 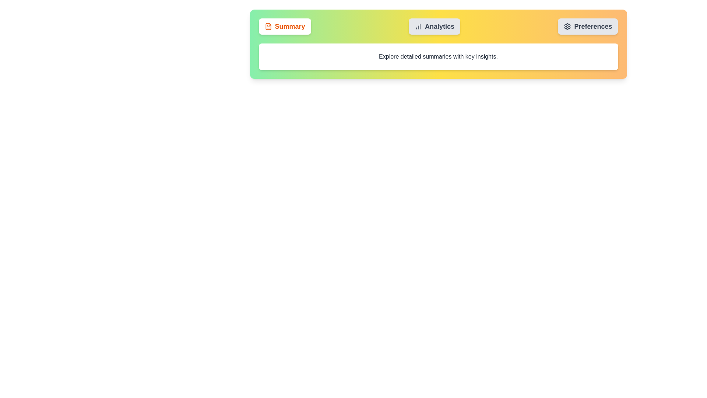 I want to click on the 'Analytics' button which contains an icon resembling a bar graph with three vertical bars, located at the top-center section of the interface, so click(x=418, y=26).